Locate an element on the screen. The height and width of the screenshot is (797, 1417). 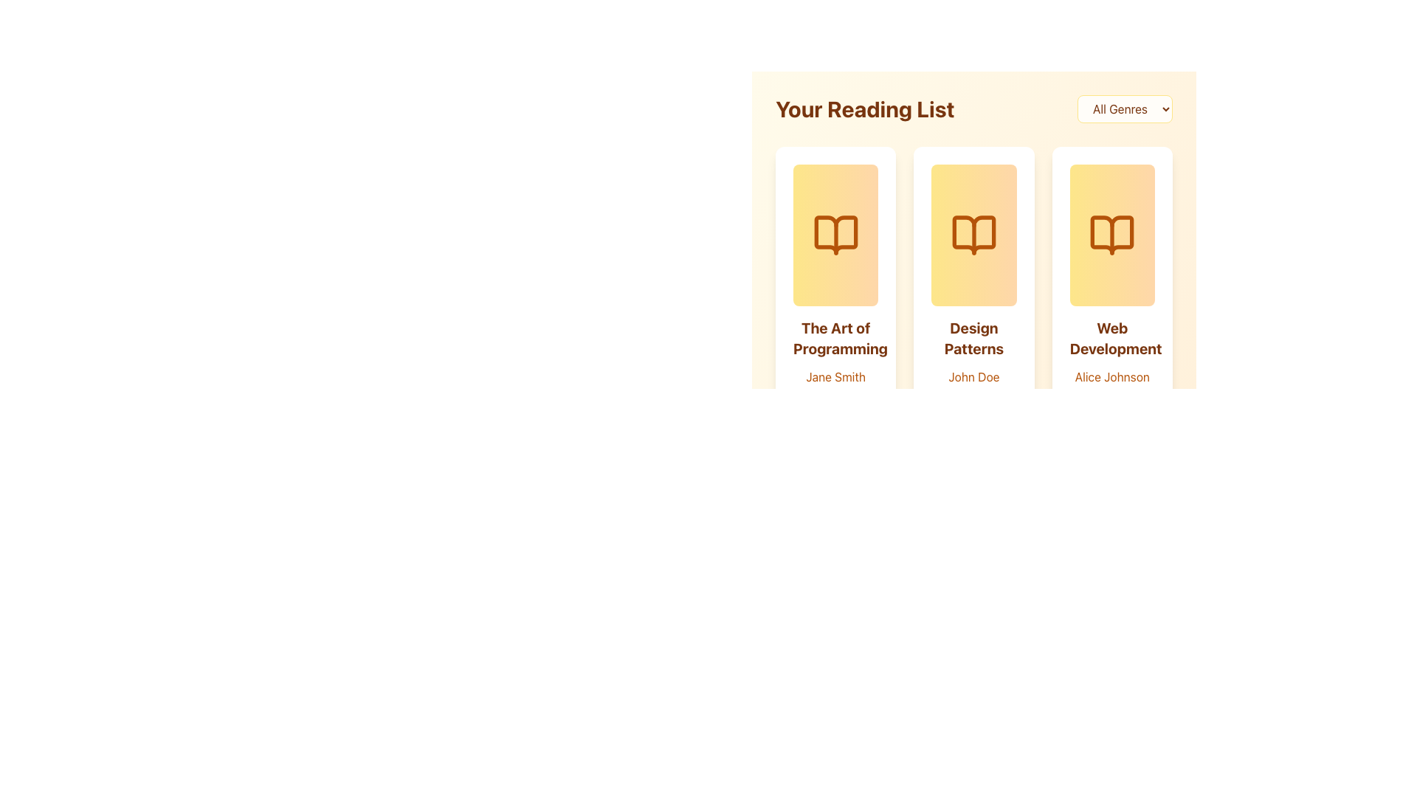
the first textual block in the 'Your Reading List' section is located at coordinates (835, 382).